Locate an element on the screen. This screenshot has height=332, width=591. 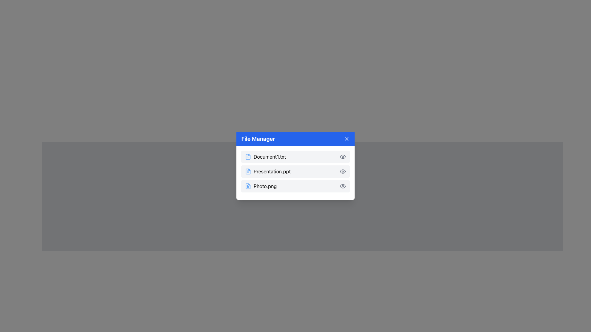
the Eye icon at the far-right end of the row labeled 'Photo.png' is located at coordinates (342, 186).